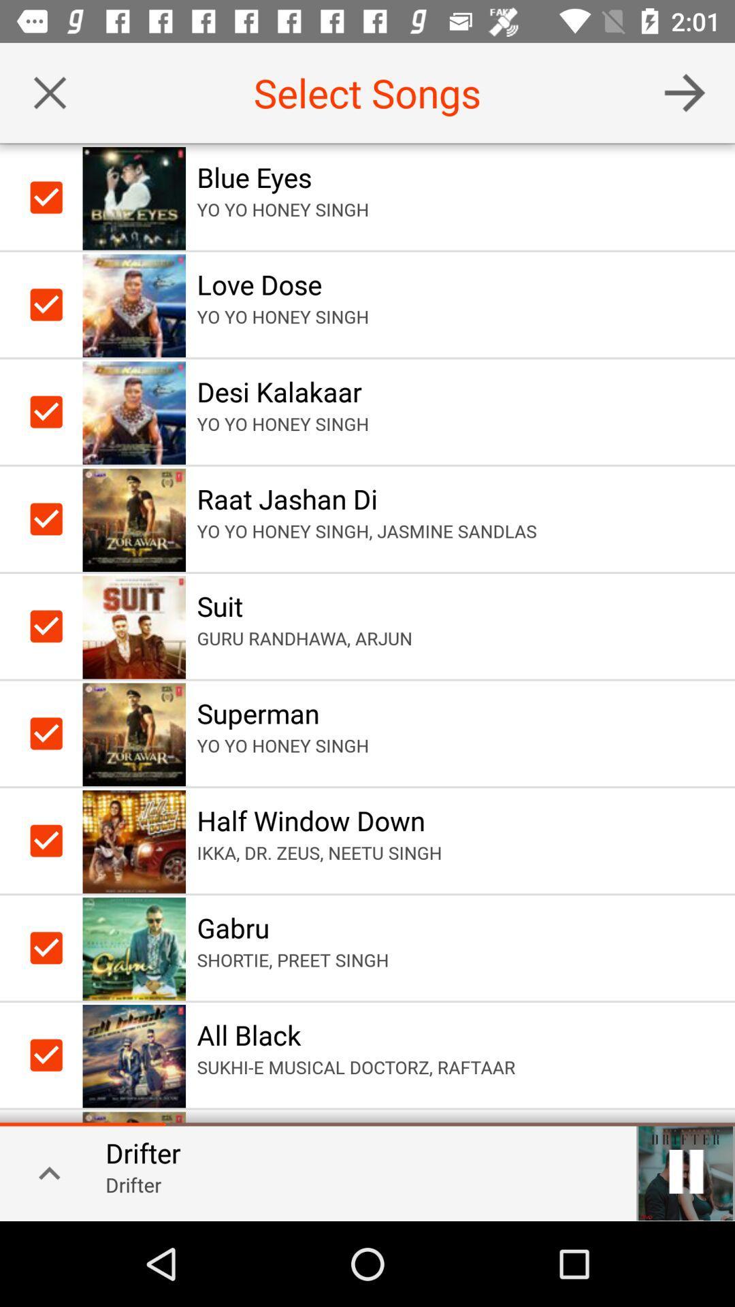  I want to click on expand current song settings, so click(44, 1172).